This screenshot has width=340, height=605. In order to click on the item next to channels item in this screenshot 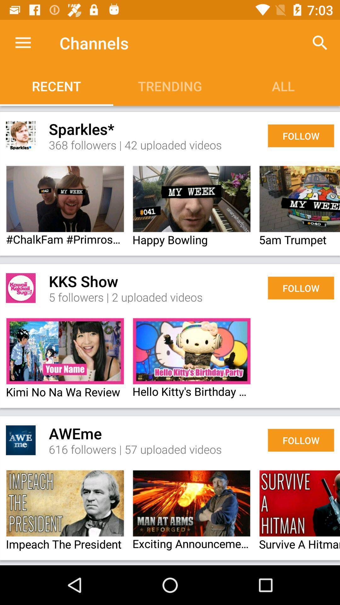, I will do `click(23, 43)`.